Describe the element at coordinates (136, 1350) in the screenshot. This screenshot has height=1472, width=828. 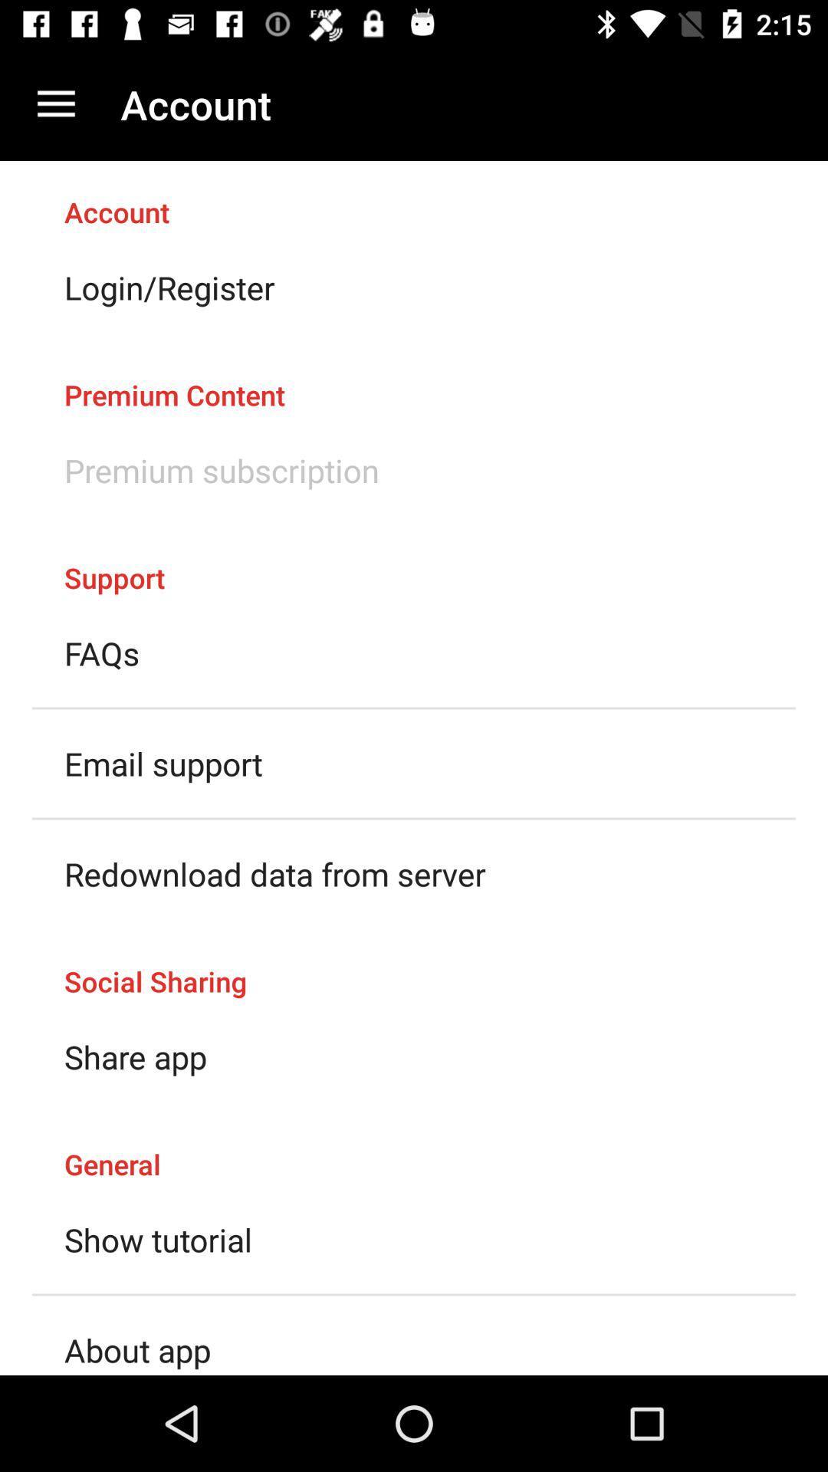
I see `item below show tutorial item` at that location.